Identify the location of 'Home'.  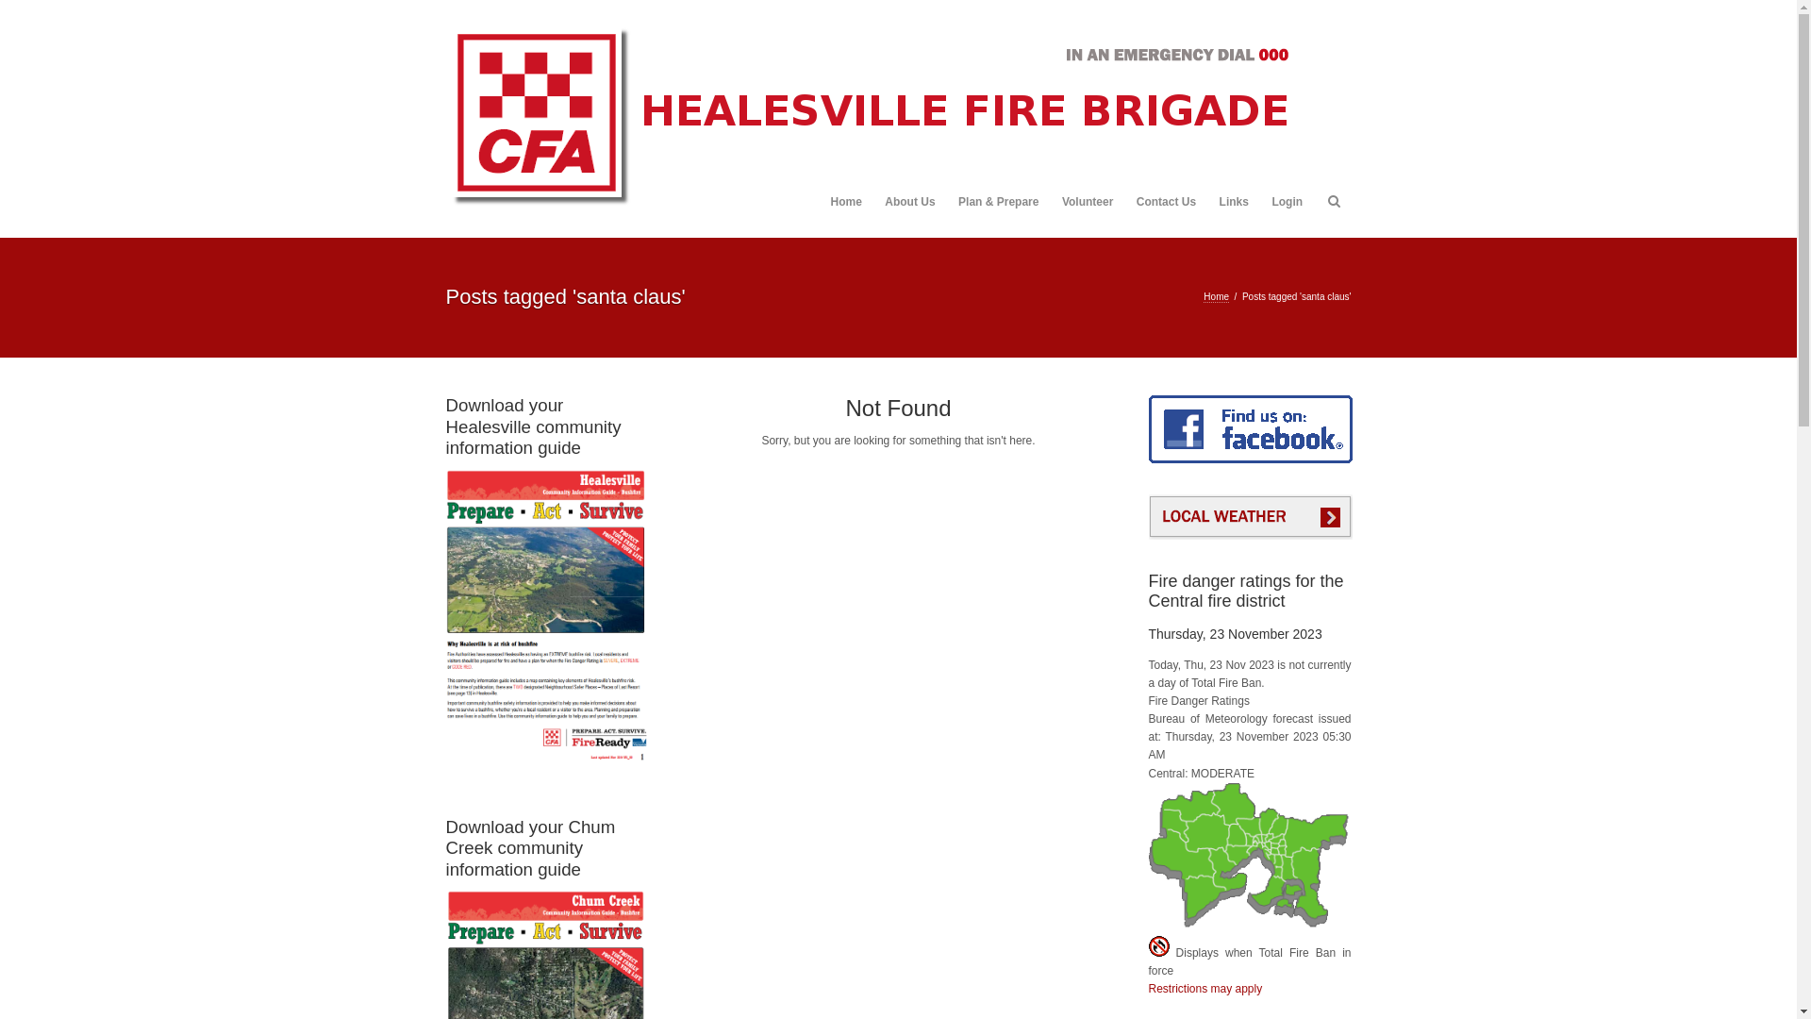
(844, 202).